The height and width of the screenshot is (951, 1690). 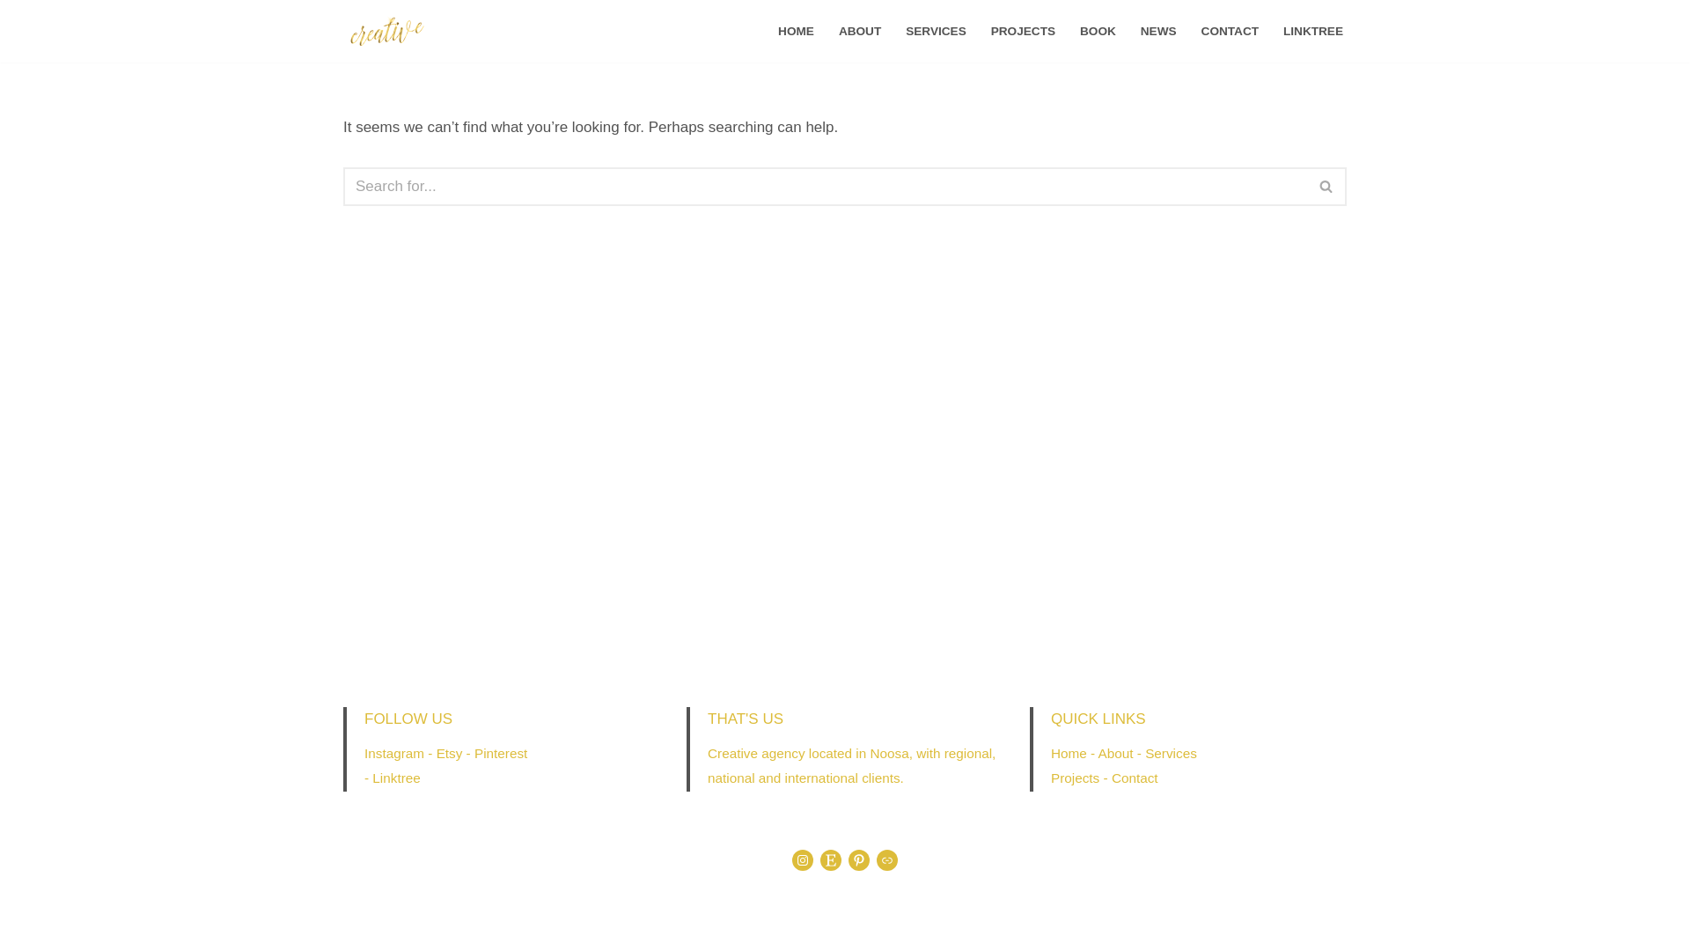 What do you see at coordinates (1068, 753) in the screenshot?
I see `'Home'` at bounding box center [1068, 753].